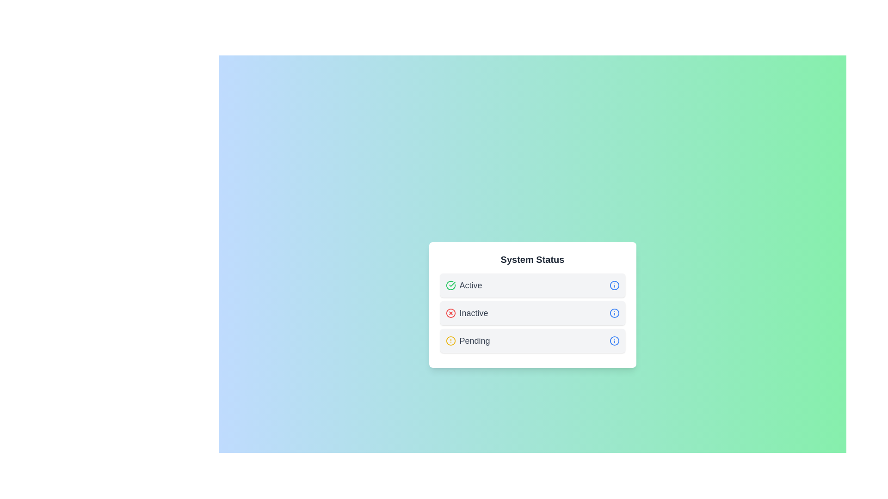 The image size is (888, 499). Describe the element at coordinates (450, 285) in the screenshot. I see `the 'Active' status icon located immediately to the left of the label 'Active' in the first row of the vertically-arranged list of statuses inside the centered card` at that location.